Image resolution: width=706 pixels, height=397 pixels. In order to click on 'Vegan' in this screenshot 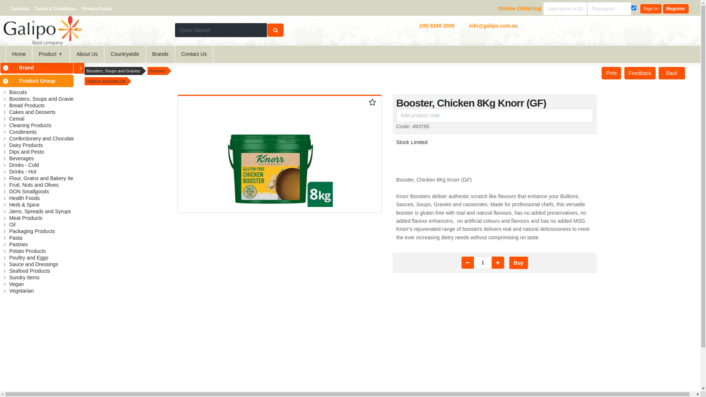, I will do `click(16, 283)`.